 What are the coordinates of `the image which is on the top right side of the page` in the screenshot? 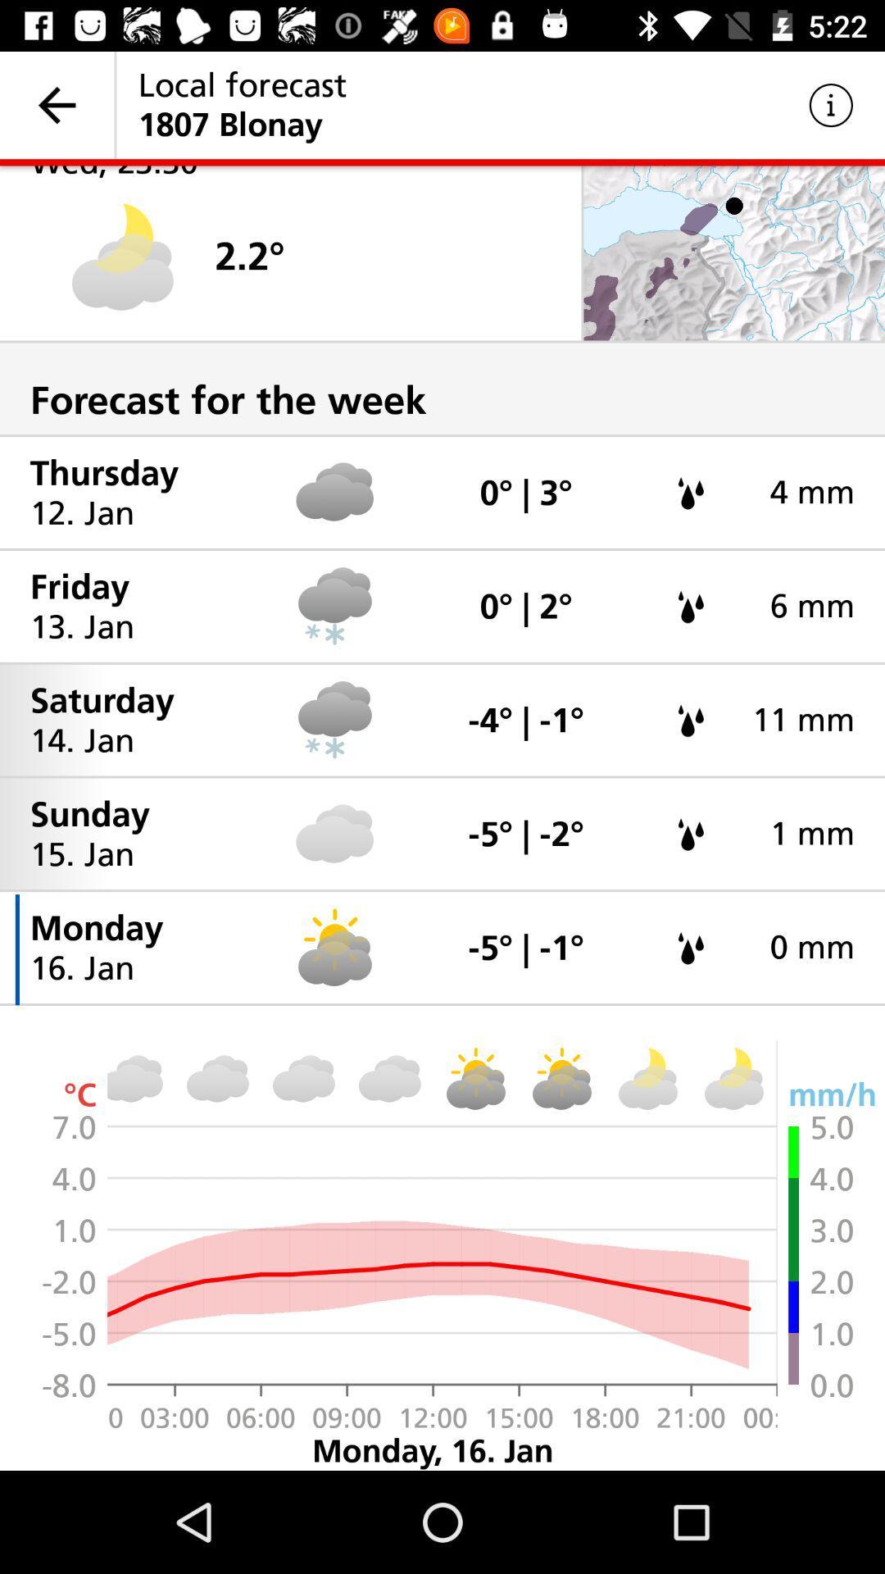 It's located at (733, 252).